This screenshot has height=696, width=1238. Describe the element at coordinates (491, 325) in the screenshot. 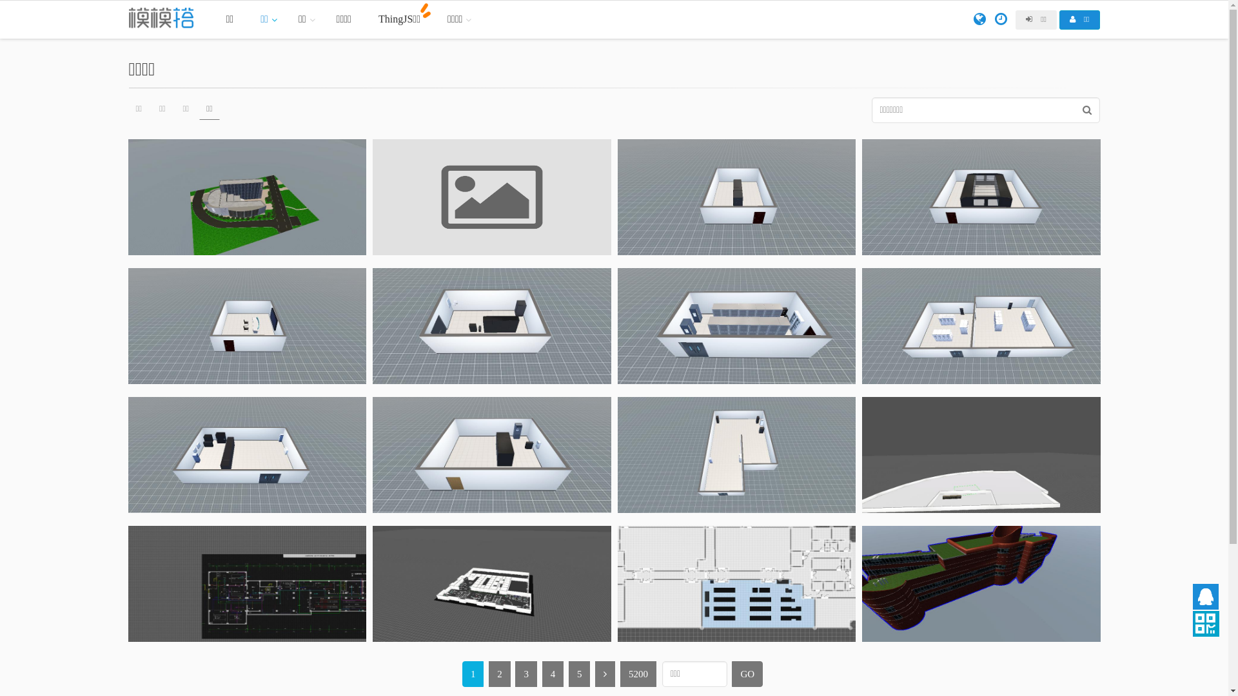

I see `'11'` at that location.